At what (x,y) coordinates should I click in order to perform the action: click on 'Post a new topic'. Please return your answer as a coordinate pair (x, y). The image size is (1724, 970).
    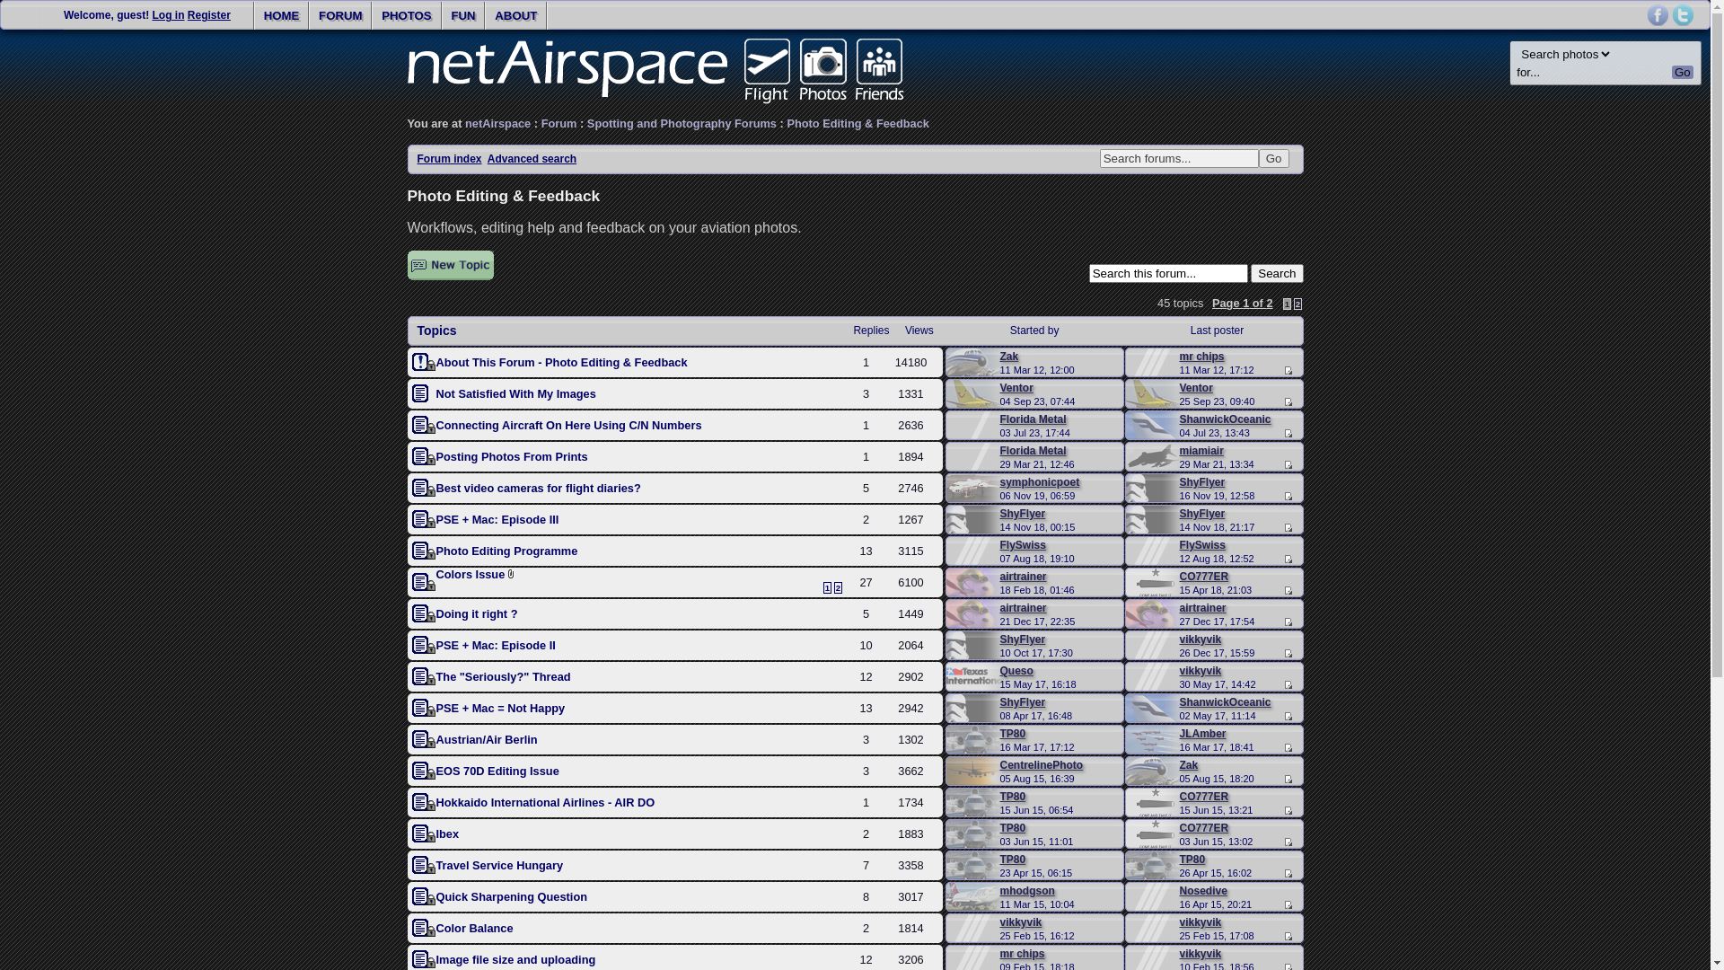
    Looking at the image, I should click on (451, 265).